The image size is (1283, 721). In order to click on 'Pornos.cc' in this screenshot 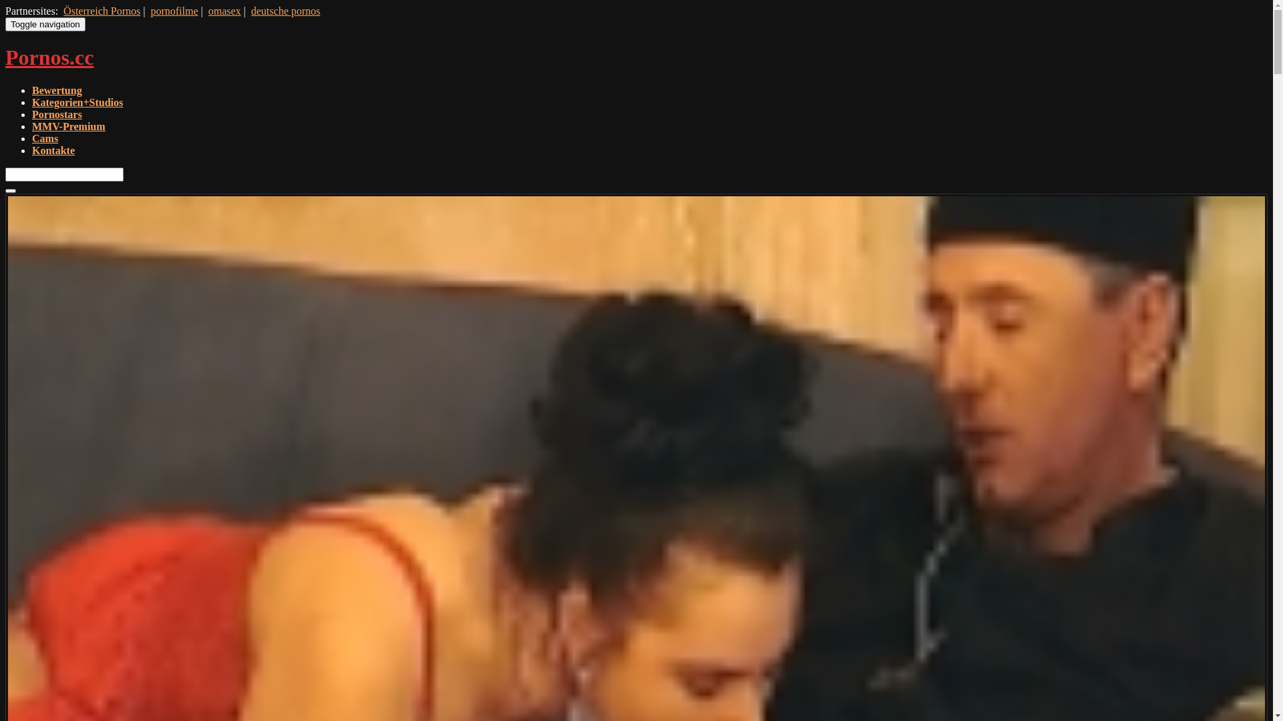, I will do `click(5, 56)`.